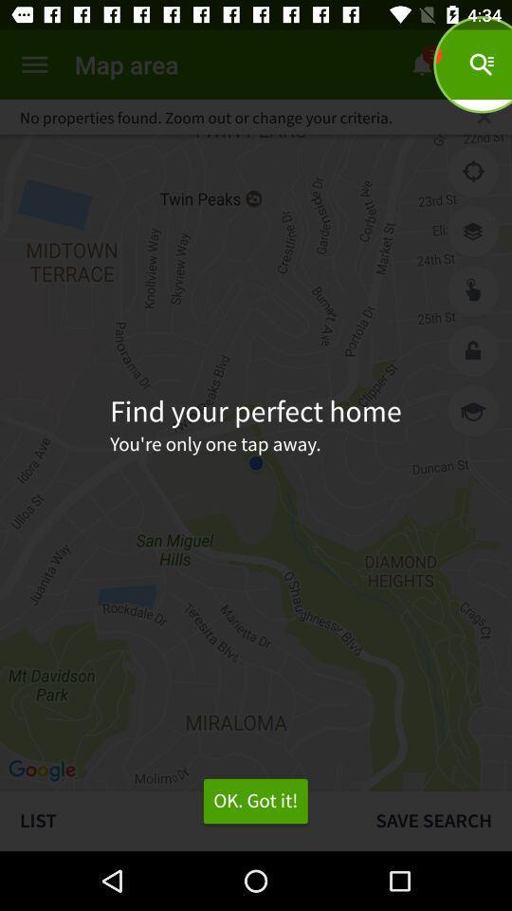  I want to click on the ok. got it! icon, so click(255, 800).